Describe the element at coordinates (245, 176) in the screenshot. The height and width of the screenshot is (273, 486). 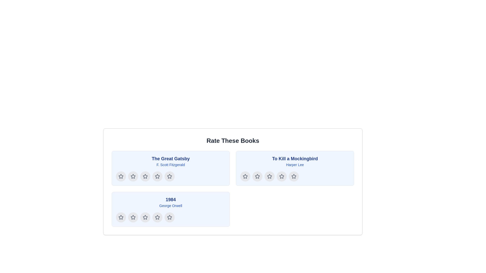
I see `the first star icon in the second row of the rating system for 'To Kill a Mockingbird', which is styled with gray borders and a transparent background` at that location.